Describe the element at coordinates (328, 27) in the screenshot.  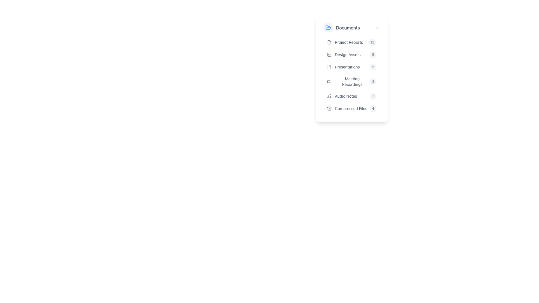
I see `the folder icon located at the upper-left corner of the 'Documents' panel, which precedes the text label 'Documents.'` at that location.